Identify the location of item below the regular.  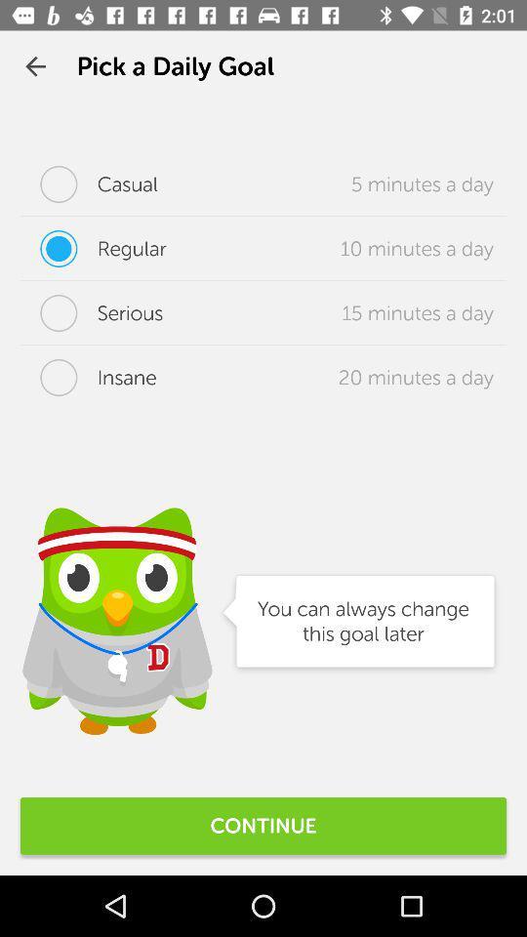
(91, 313).